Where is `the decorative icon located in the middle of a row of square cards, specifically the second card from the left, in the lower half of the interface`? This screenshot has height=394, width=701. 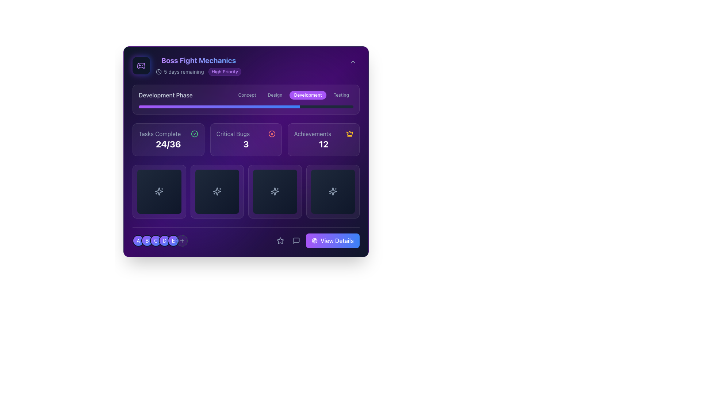 the decorative icon located in the middle of a row of square cards, specifically the second card from the left, in the lower half of the interface is located at coordinates (217, 191).